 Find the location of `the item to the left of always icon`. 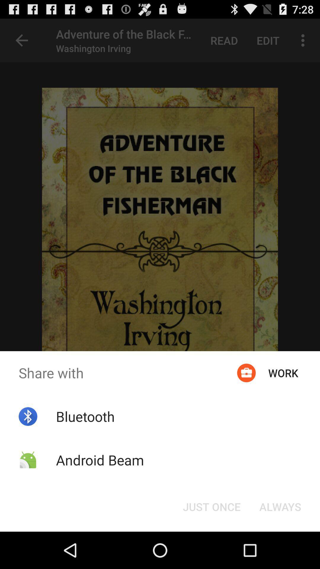

the item to the left of always icon is located at coordinates (211, 506).